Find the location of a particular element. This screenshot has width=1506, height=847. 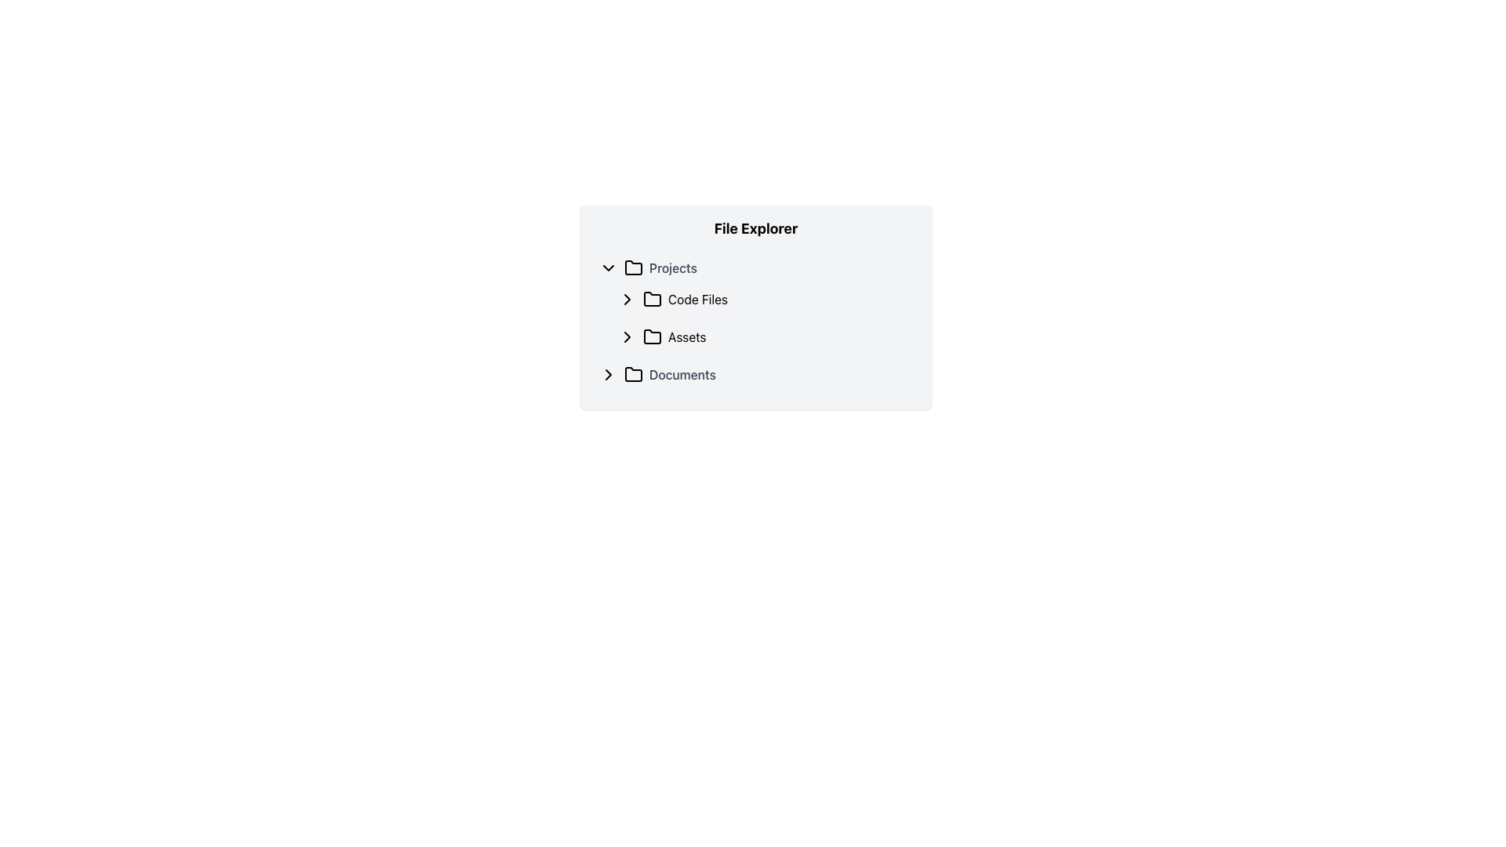

the right-facing chevron arrow icon next to the 'Code Files' folder label is located at coordinates (627, 299).